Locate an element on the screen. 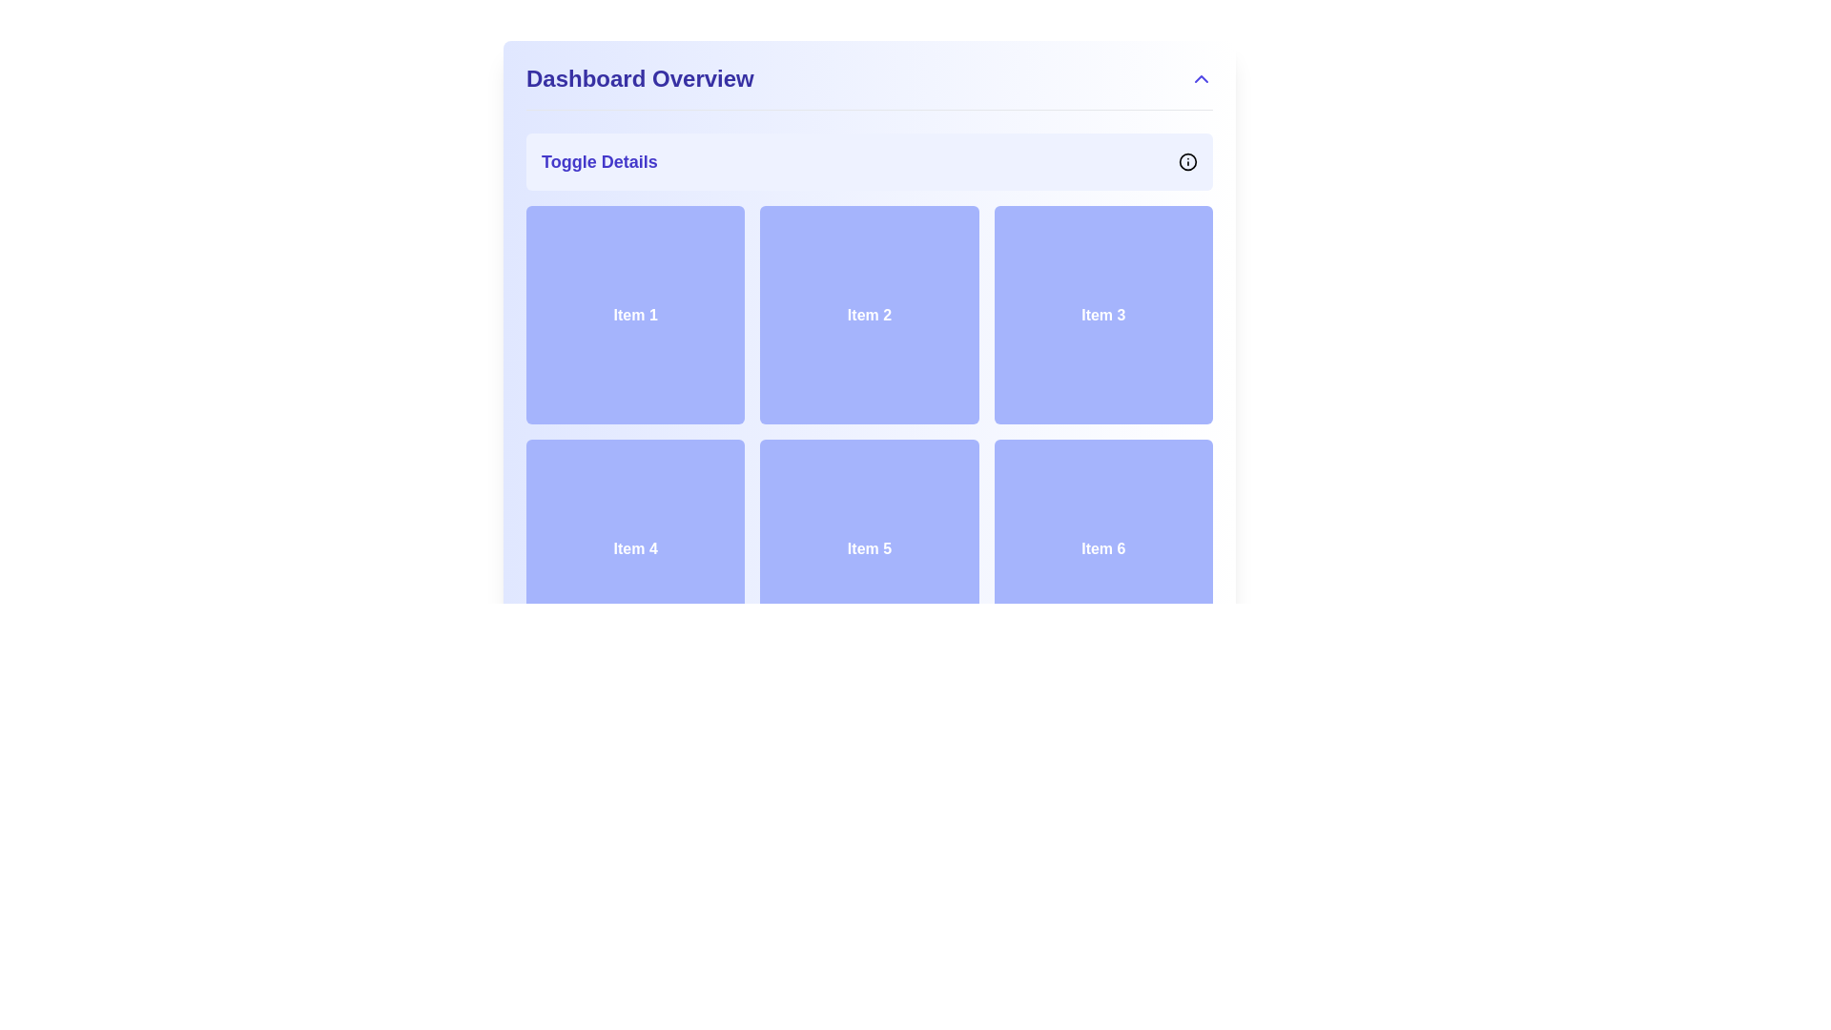  the Decorative Tile, which is the second tile in a grid layout, centrally located in the first row is located at coordinates (869, 314).